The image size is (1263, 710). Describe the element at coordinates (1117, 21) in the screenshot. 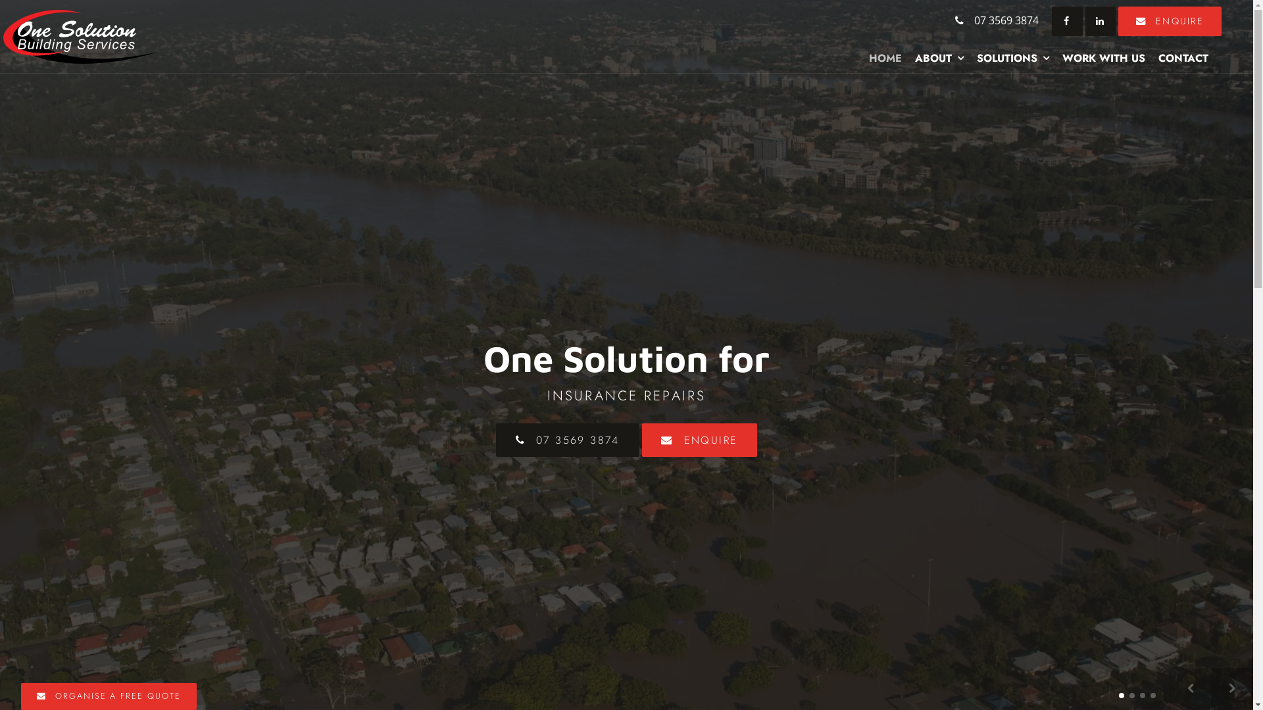

I see `'ENQUIRE'` at that location.